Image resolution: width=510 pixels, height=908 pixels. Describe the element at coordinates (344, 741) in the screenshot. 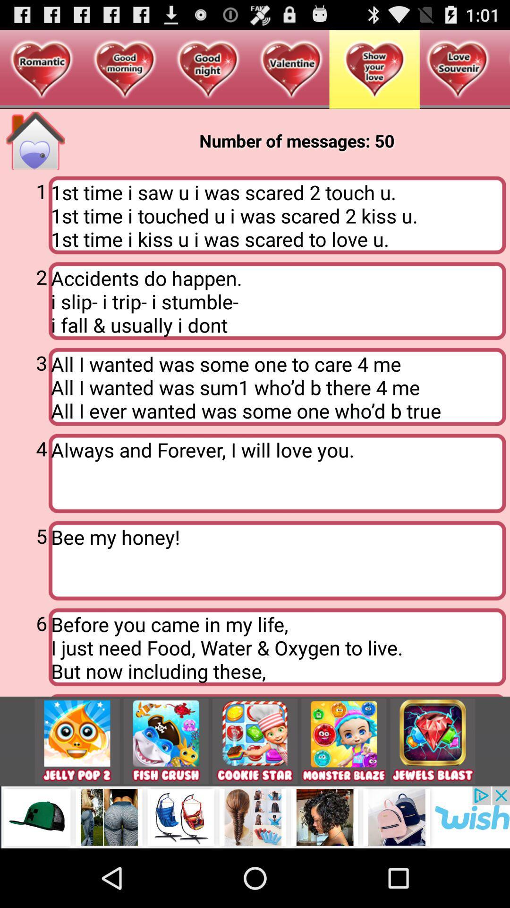

I see `the app` at that location.